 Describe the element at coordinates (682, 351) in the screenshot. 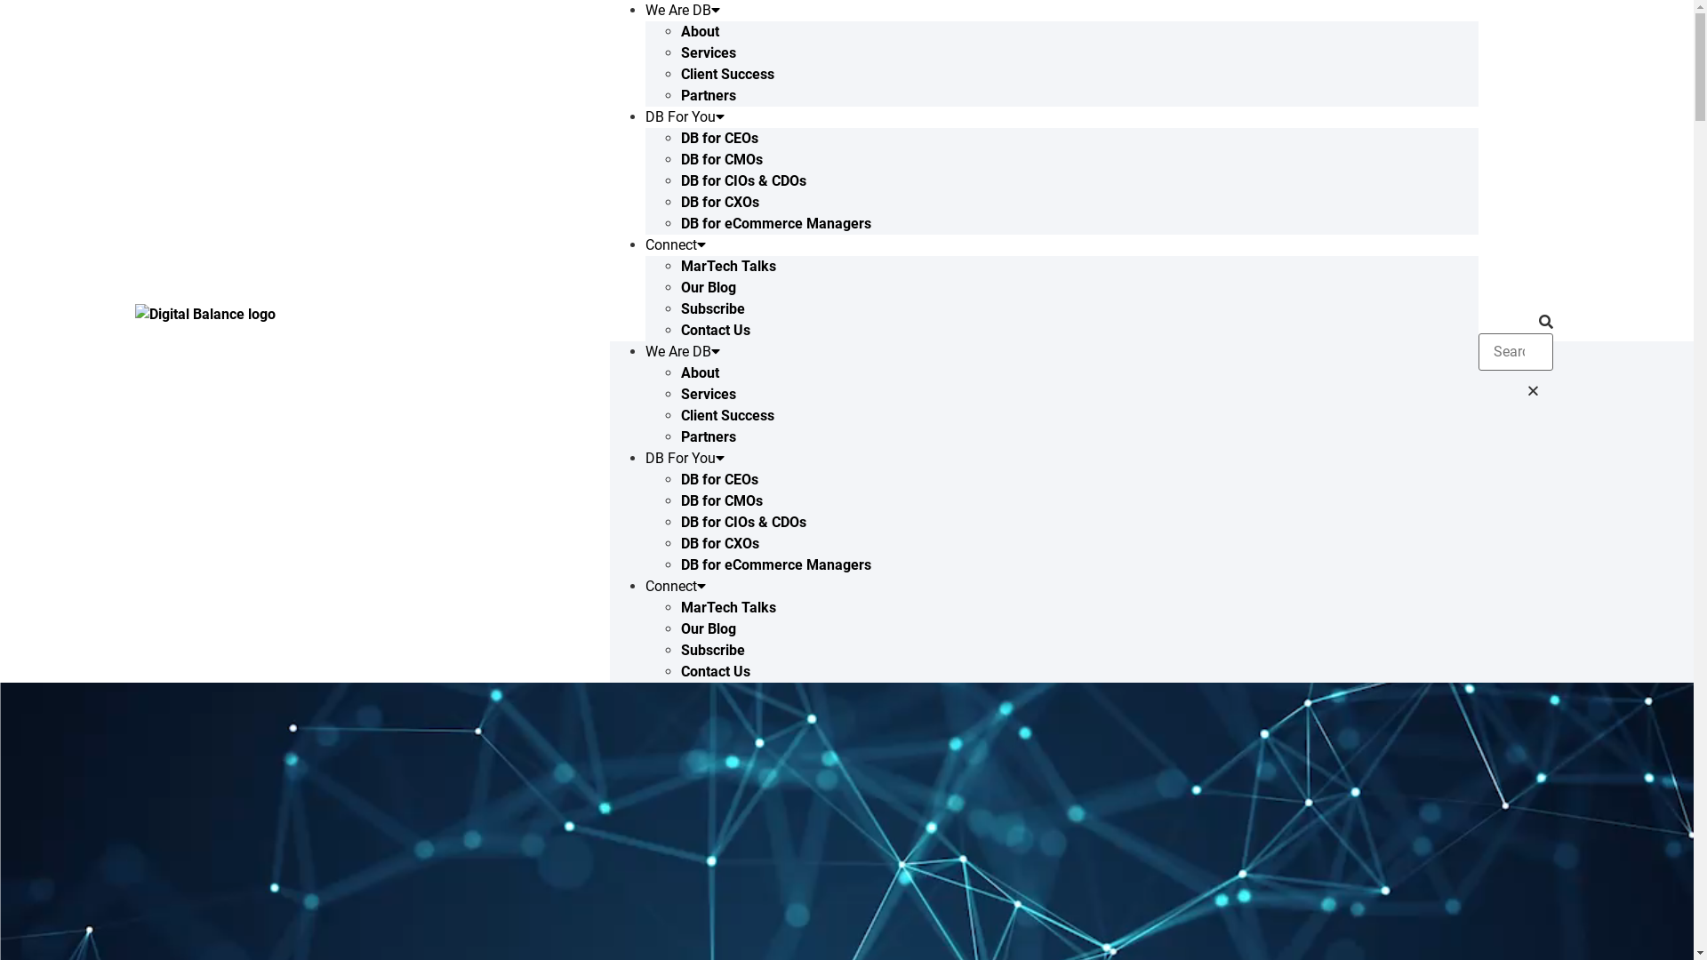

I see `'We Are DB'` at that location.